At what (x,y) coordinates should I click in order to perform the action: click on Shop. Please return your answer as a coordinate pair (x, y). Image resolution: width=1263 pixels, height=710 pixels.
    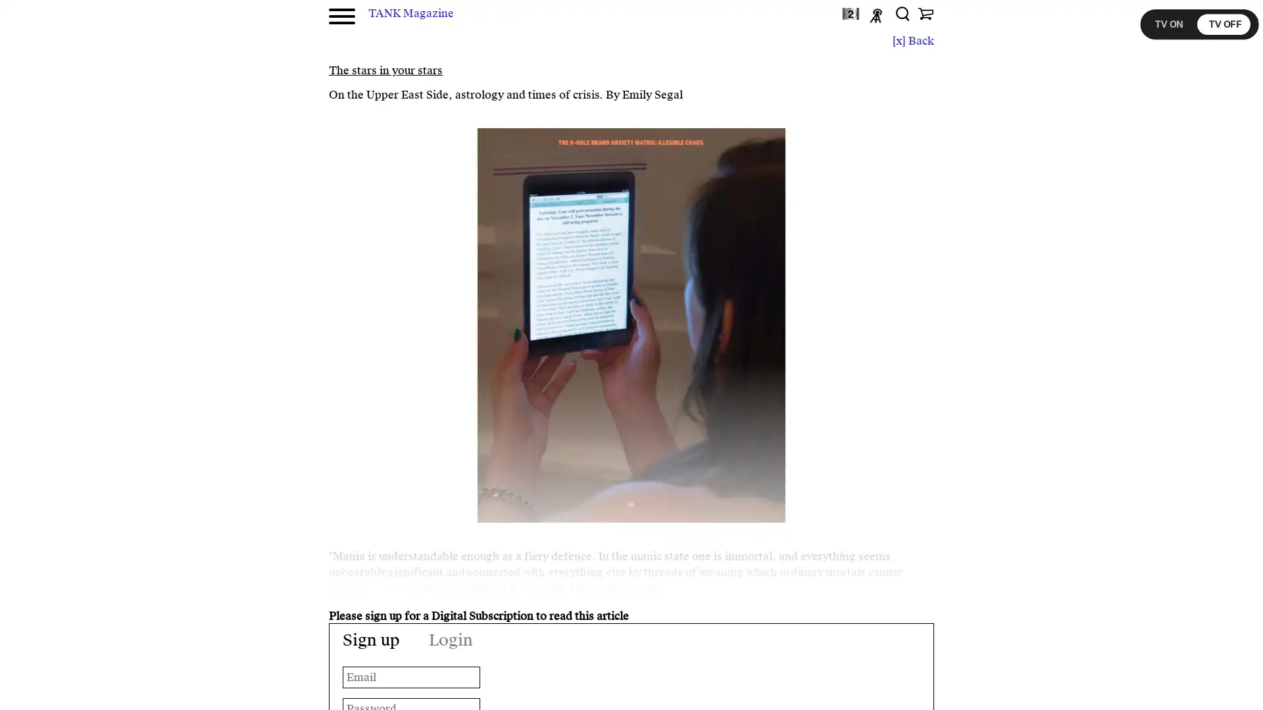
    Looking at the image, I should click on (925, 13).